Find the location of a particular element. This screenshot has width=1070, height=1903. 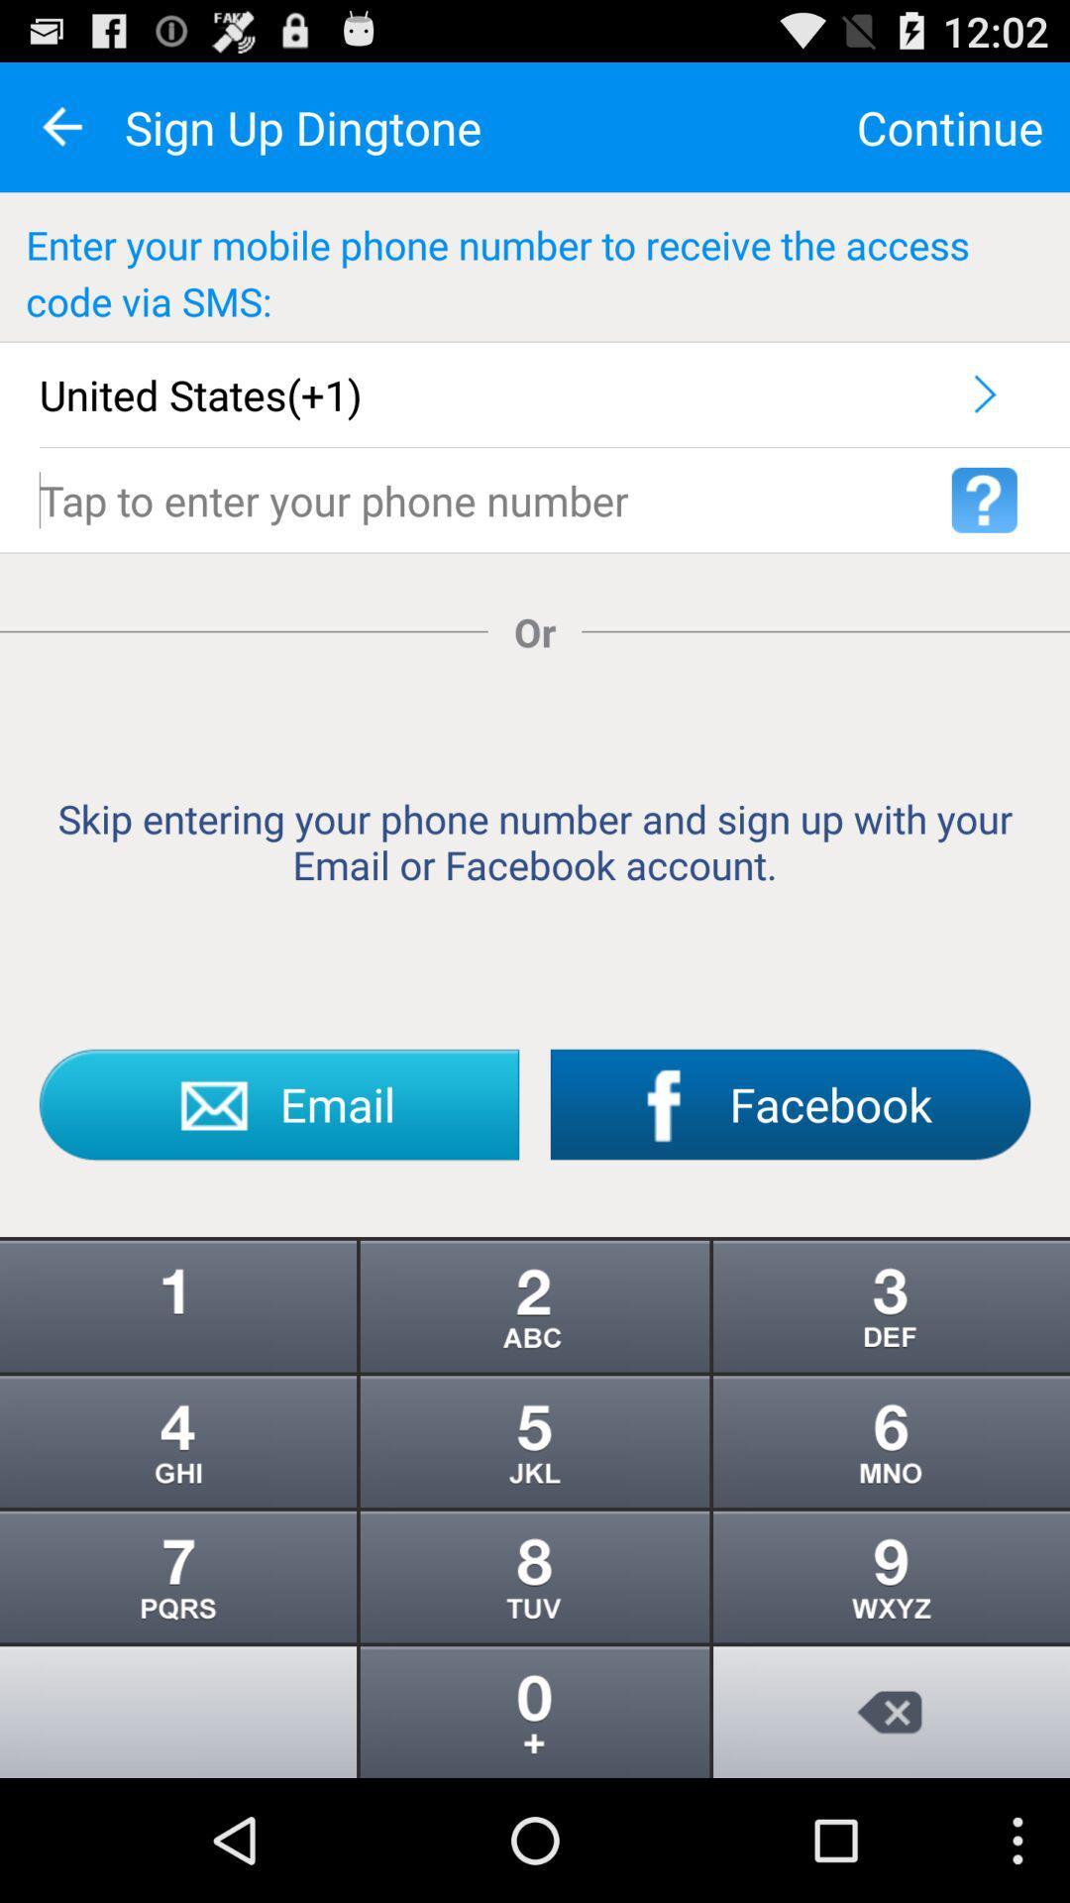

the help icon is located at coordinates (984, 535).